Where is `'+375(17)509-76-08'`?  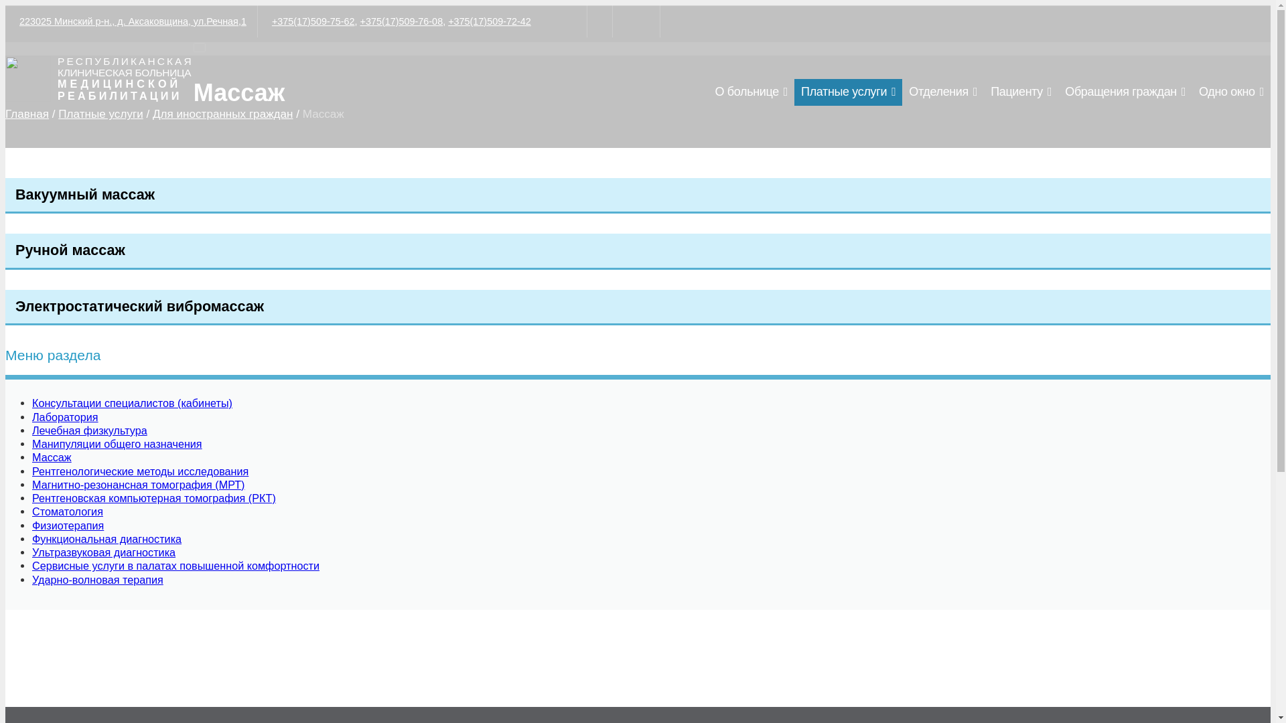 '+375(17)509-76-08' is located at coordinates (401, 21).